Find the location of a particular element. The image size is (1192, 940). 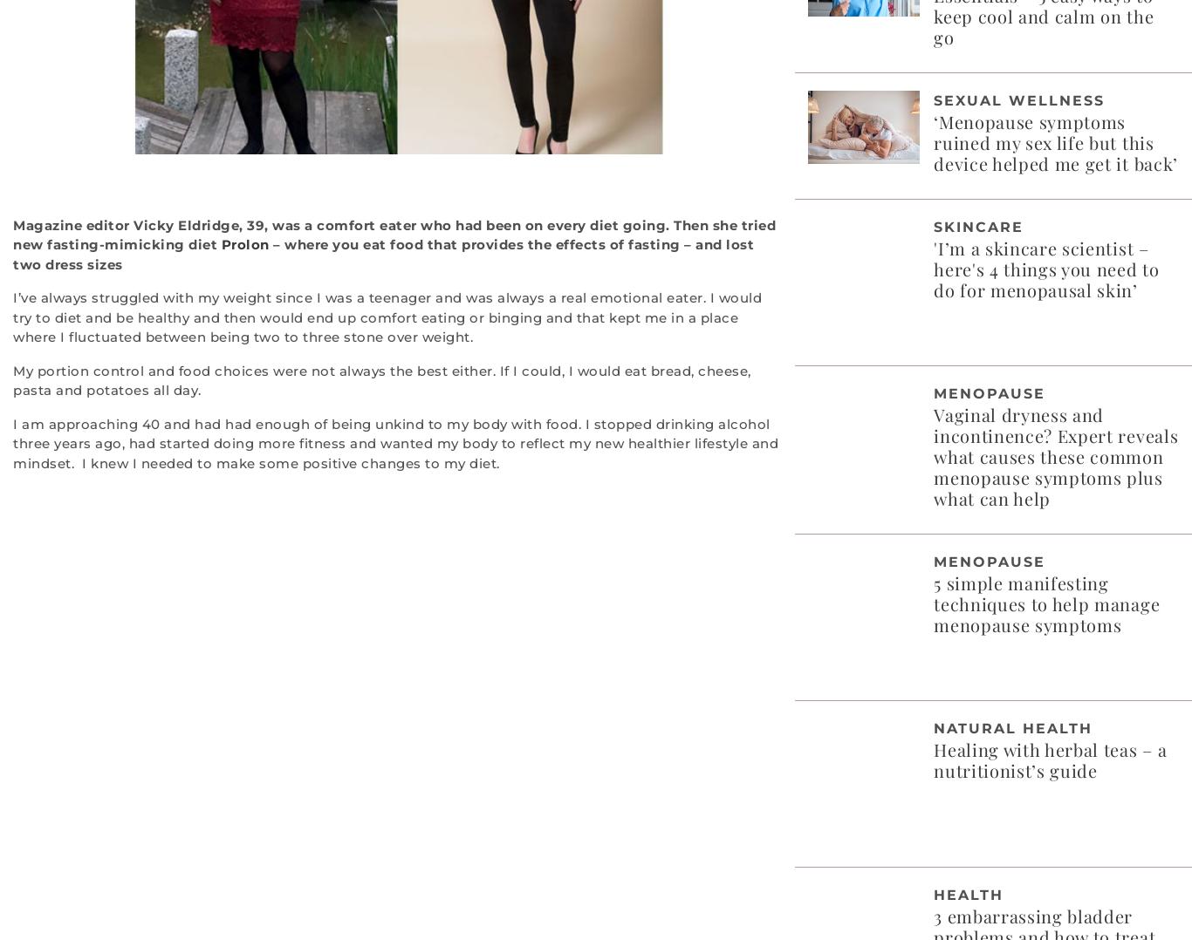

'Skincare' is located at coordinates (977, 225).